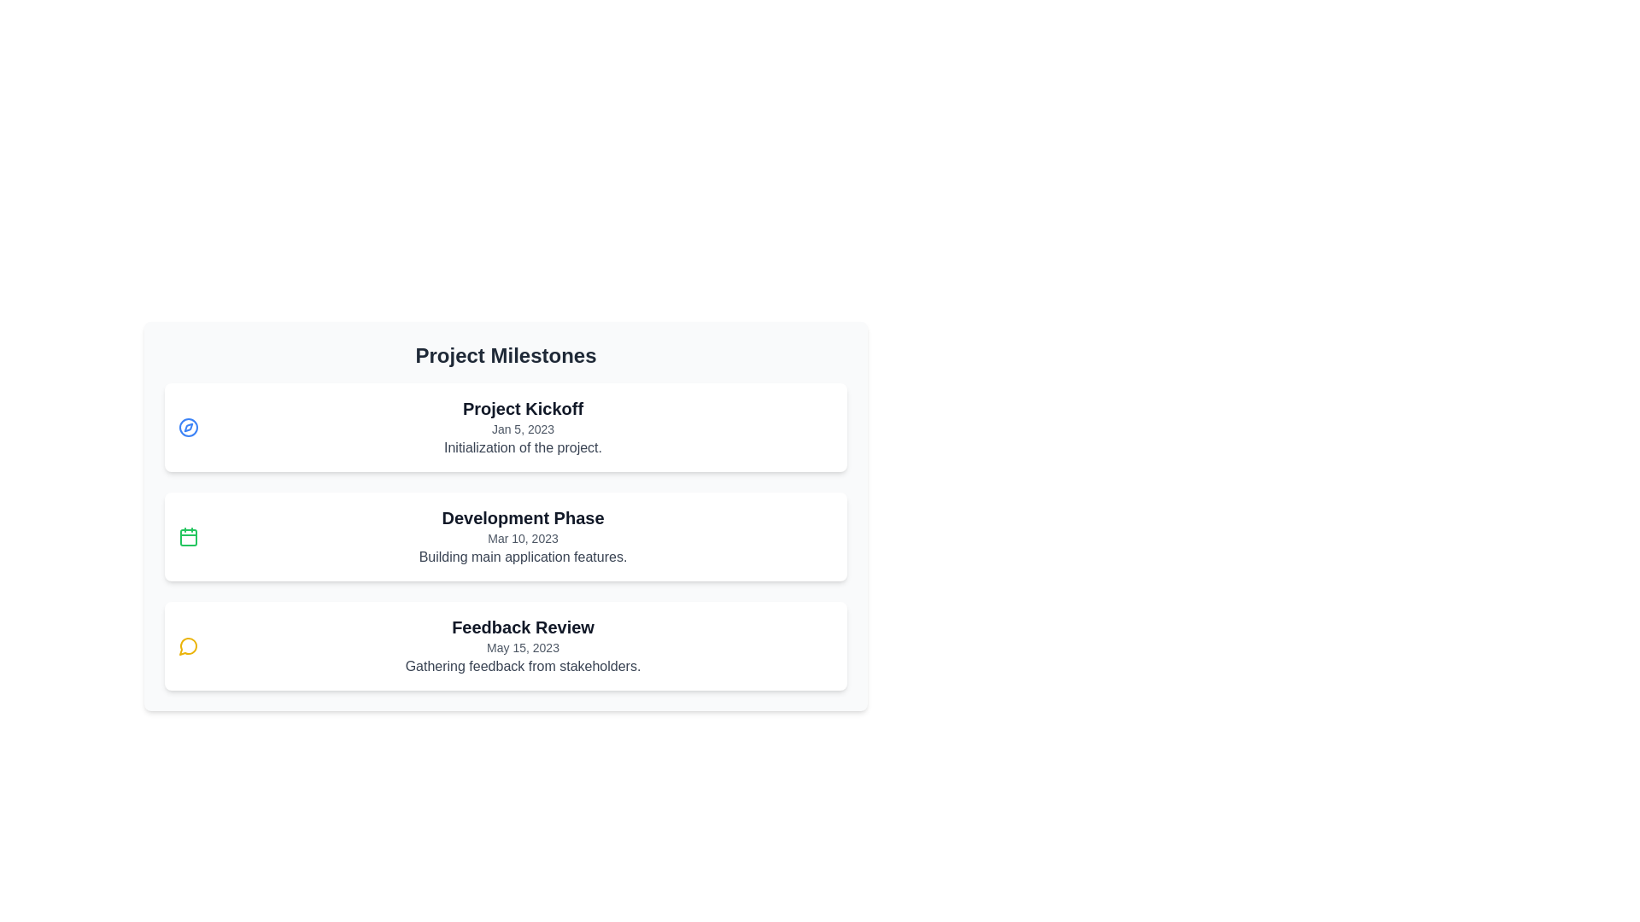 The height and width of the screenshot is (922, 1640). What do you see at coordinates (188, 535) in the screenshot?
I see `the timeline icon indicating the 'Development Phase' milestone, positioned to the left of the text 'Development Phase' in the second list item` at bounding box center [188, 535].